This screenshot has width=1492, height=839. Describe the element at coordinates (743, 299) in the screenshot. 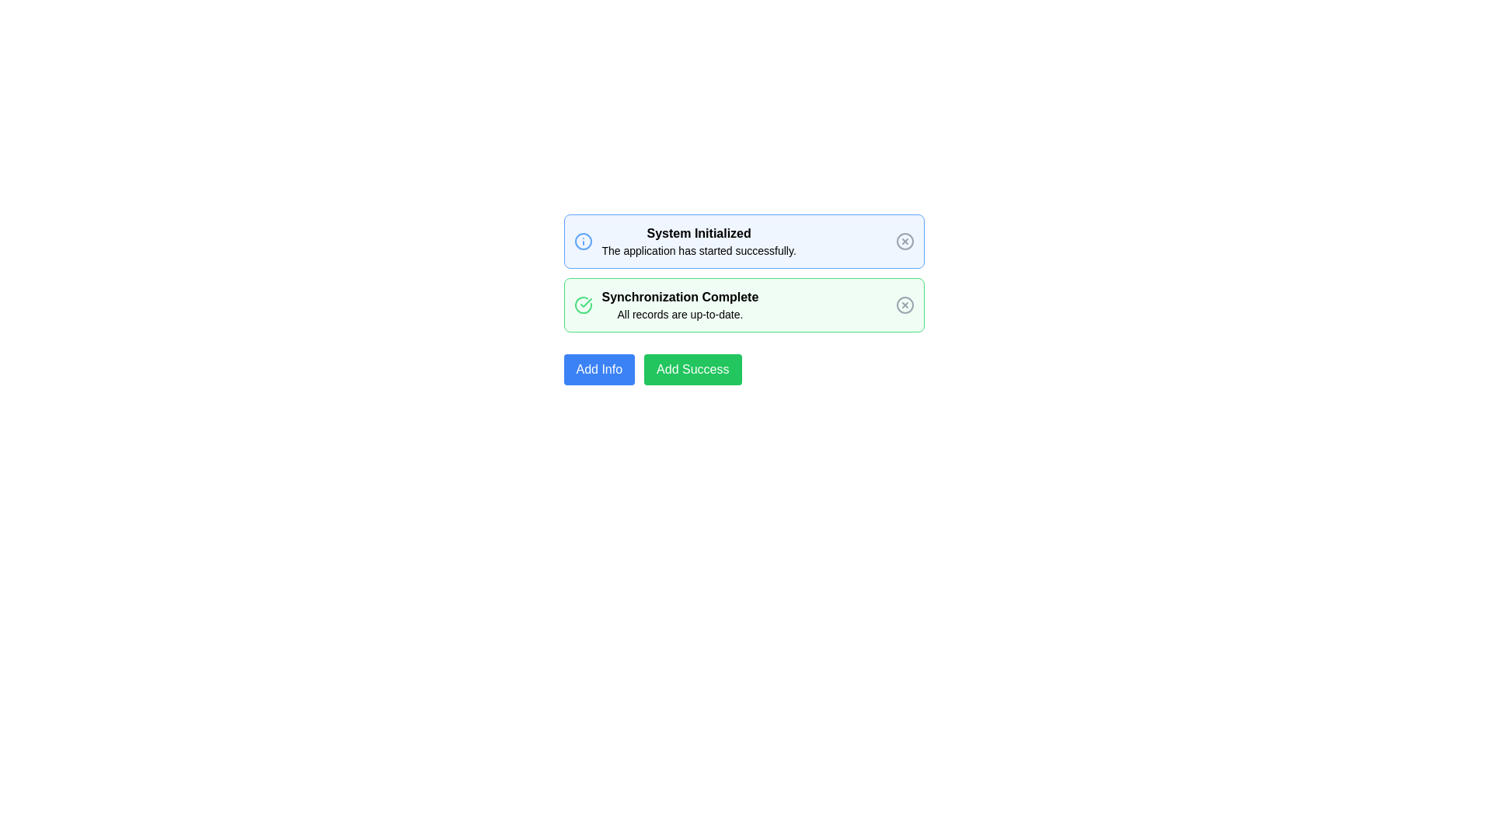

I see `messages displayed in the Notification panel that indicates system initialization and synchronization completion` at that location.